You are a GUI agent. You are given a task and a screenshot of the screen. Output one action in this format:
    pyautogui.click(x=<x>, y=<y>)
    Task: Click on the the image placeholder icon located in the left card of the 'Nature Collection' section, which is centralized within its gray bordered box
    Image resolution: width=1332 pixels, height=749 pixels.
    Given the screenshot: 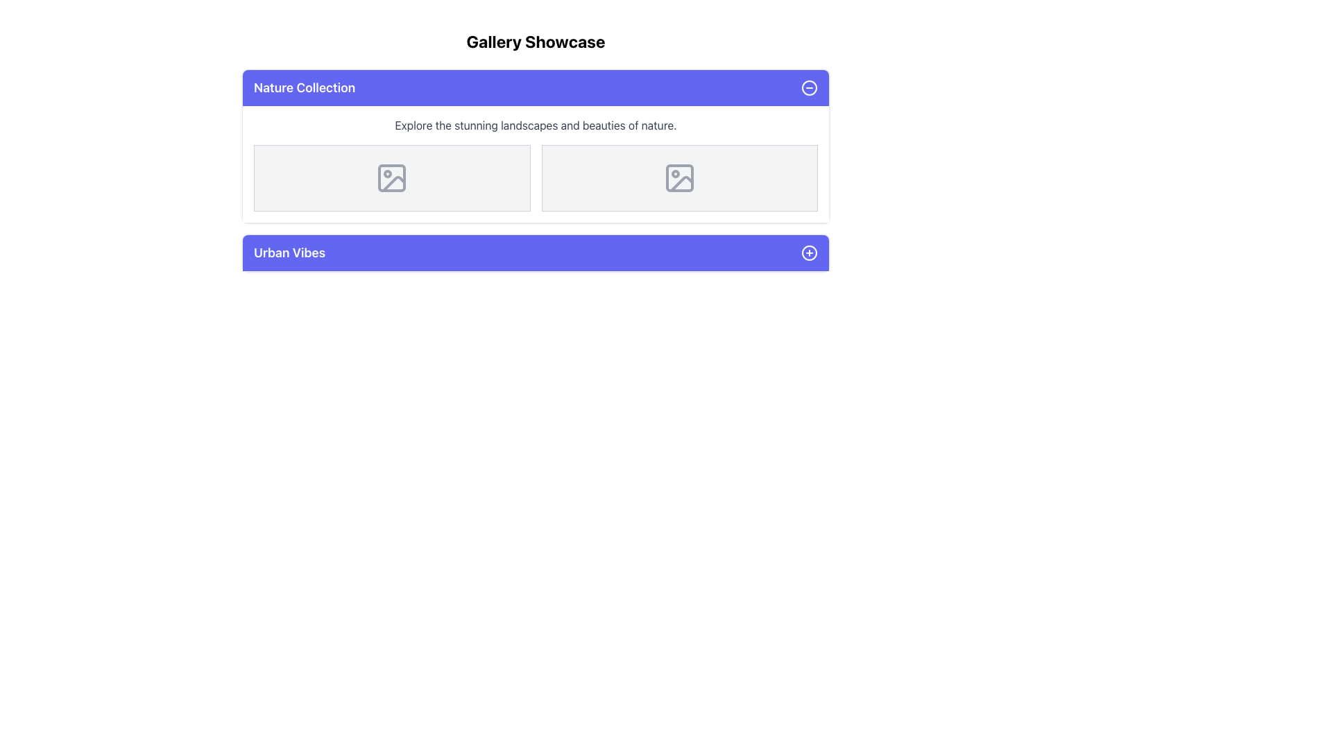 What is the action you would take?
    pyautogui.click(x=391, y=178)
    